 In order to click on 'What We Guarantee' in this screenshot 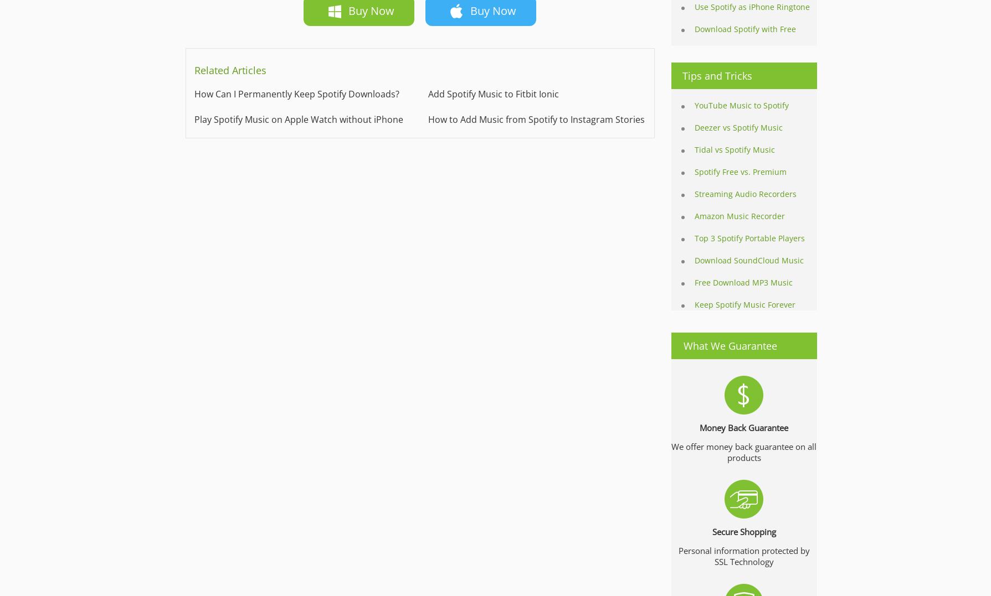, I will do `click(730, 345)`.